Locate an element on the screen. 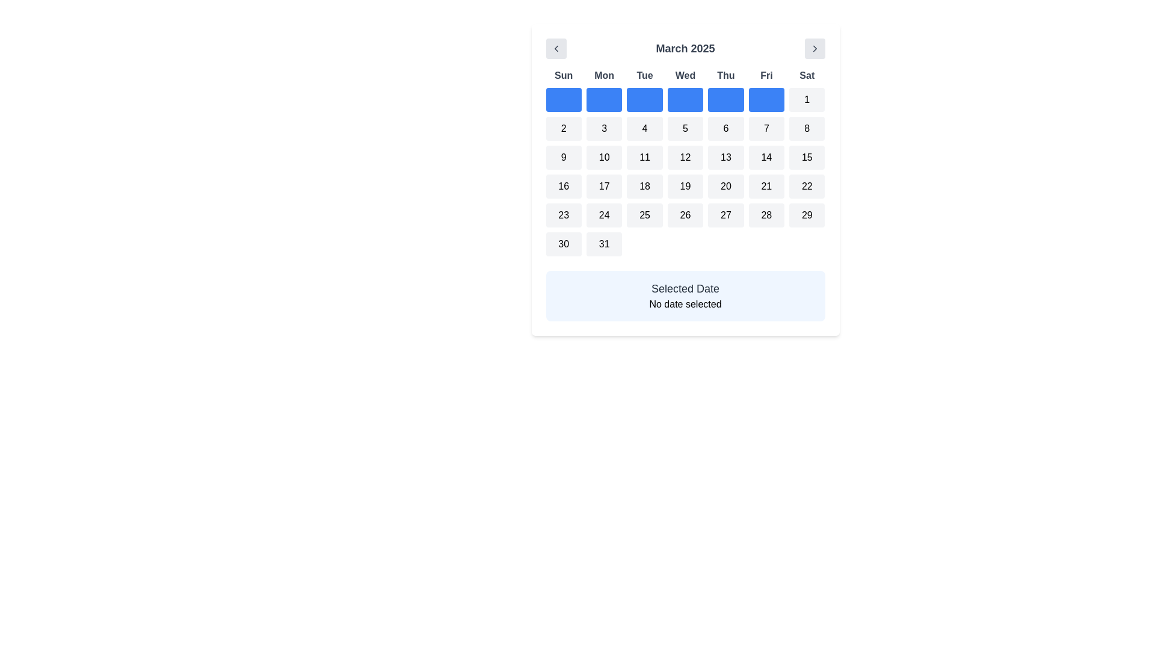  the chevron icon located at the top-right corner of the calendar interface is located at coordinates (815, 48).